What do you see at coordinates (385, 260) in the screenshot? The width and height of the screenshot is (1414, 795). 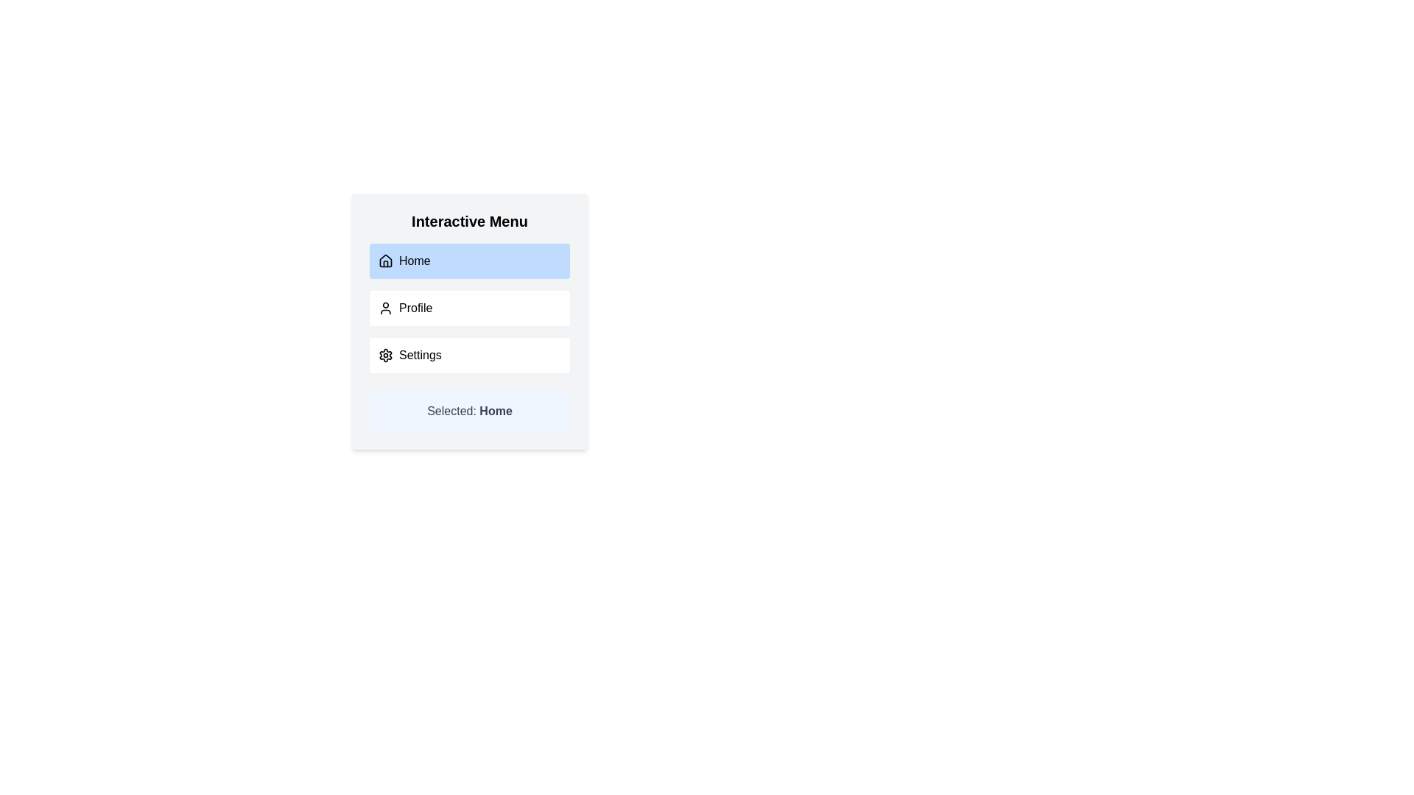 I see `the house icon with a stylized geometric design located to the left of the 'Home' menu item in the 'Interactive Menu'` at bounding box center [385, 260].